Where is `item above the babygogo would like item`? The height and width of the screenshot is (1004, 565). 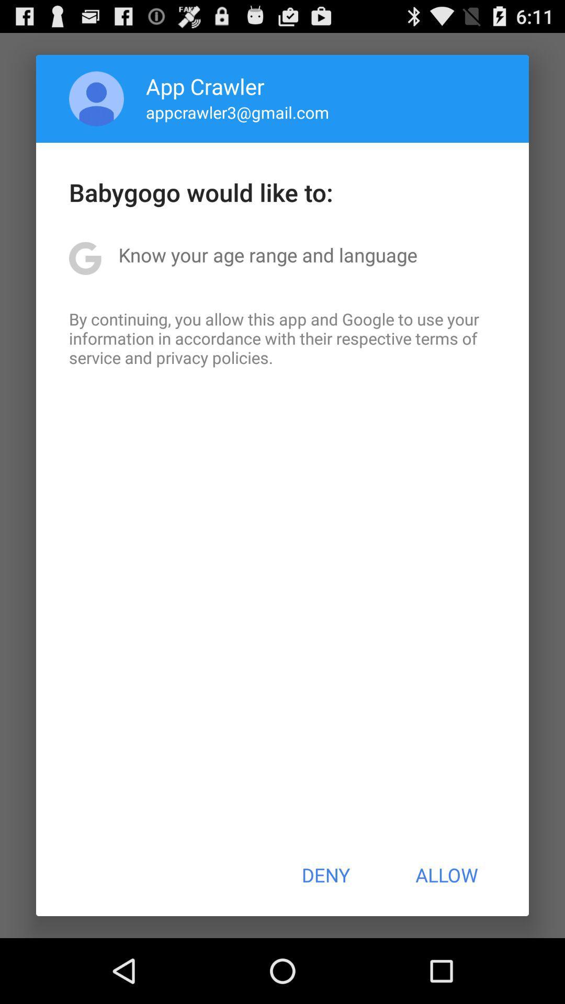
item above the babygogo would like item is located at coordinates (238, 112).